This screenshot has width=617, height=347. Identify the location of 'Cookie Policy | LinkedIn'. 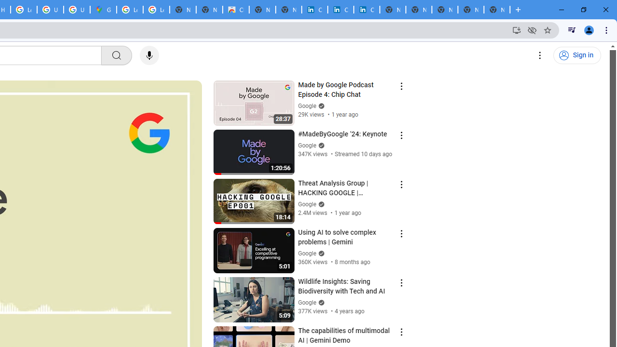
(314, 10).